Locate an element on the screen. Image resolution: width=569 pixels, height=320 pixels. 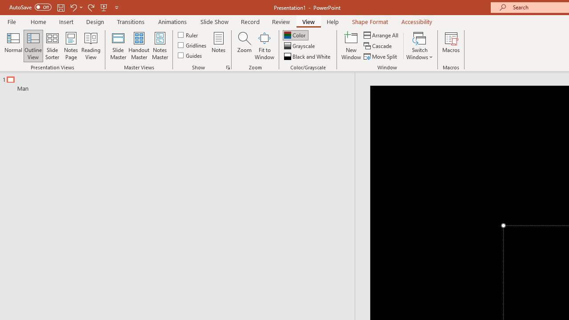
'Outline View' is located at coordinates (33, 46).